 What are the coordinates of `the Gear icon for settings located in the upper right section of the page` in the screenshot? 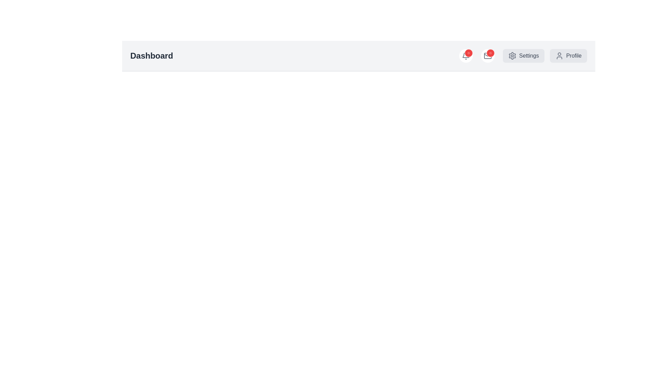 It's located at (512, 56).